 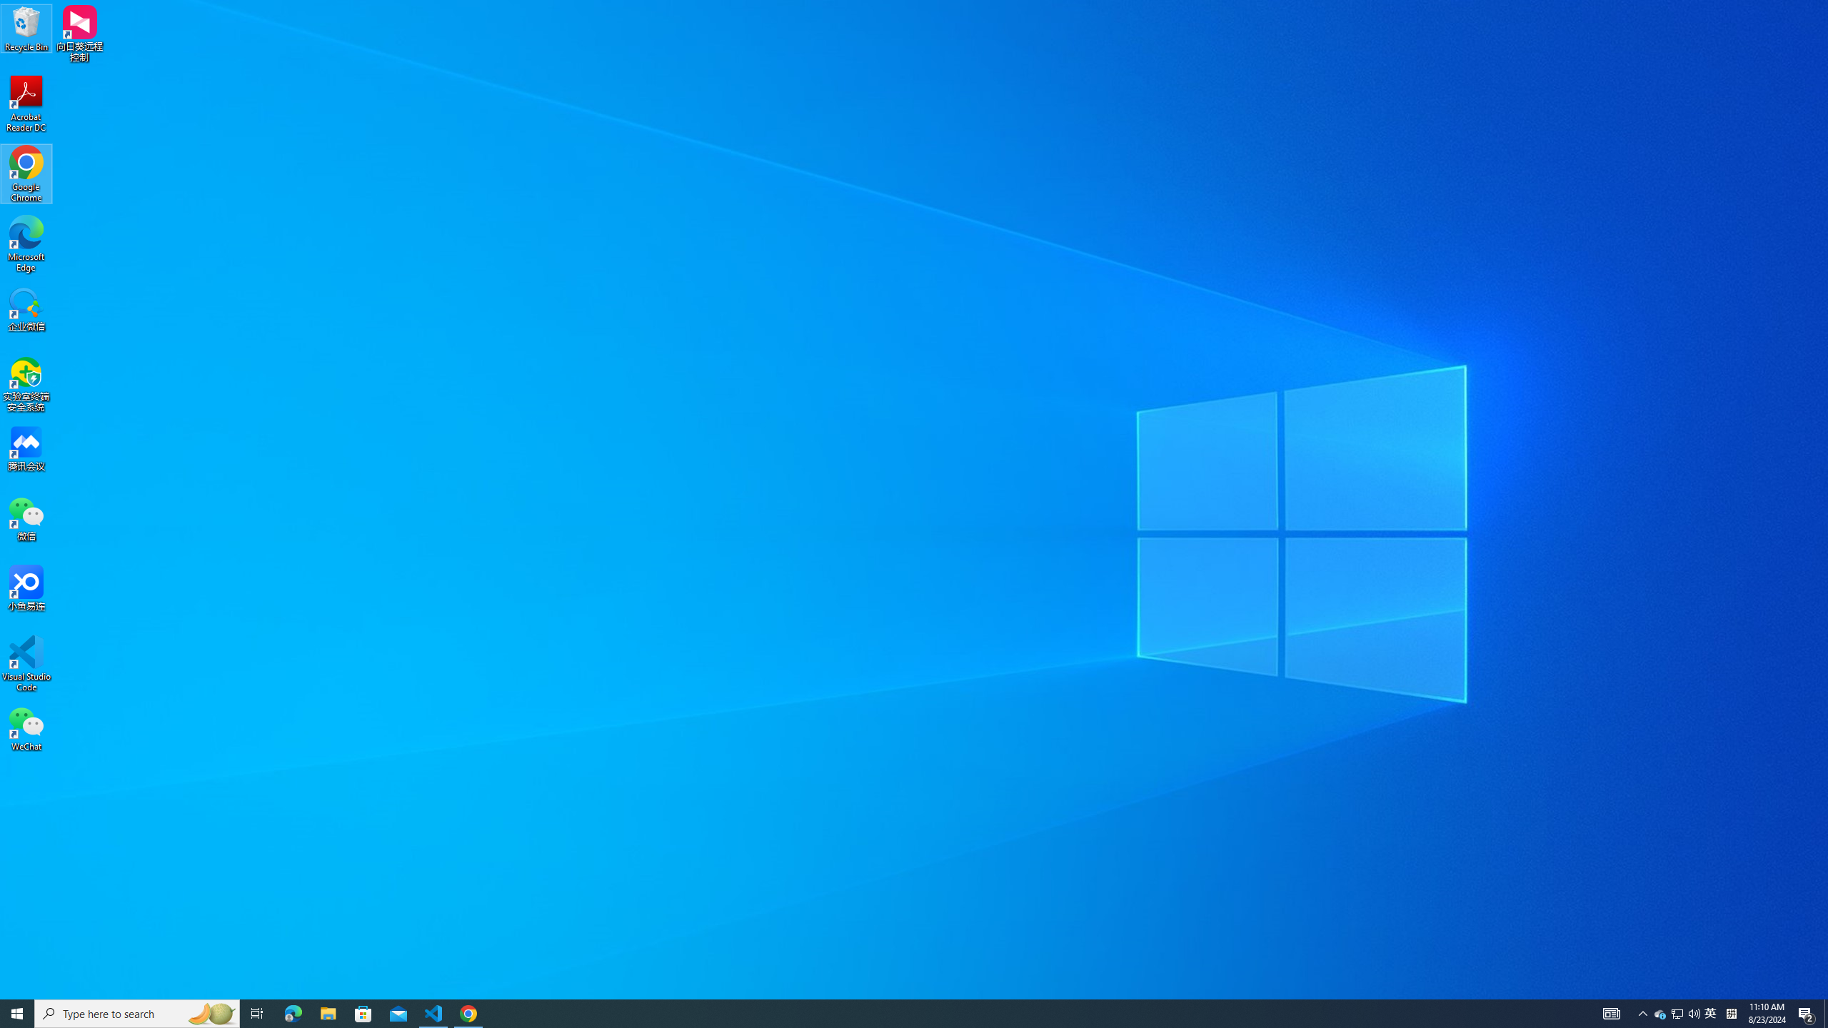 What do you see at coordinates (26, 27) in the screenshot?
I see `'Recycle Bin'` at bounding box center [26, 27].